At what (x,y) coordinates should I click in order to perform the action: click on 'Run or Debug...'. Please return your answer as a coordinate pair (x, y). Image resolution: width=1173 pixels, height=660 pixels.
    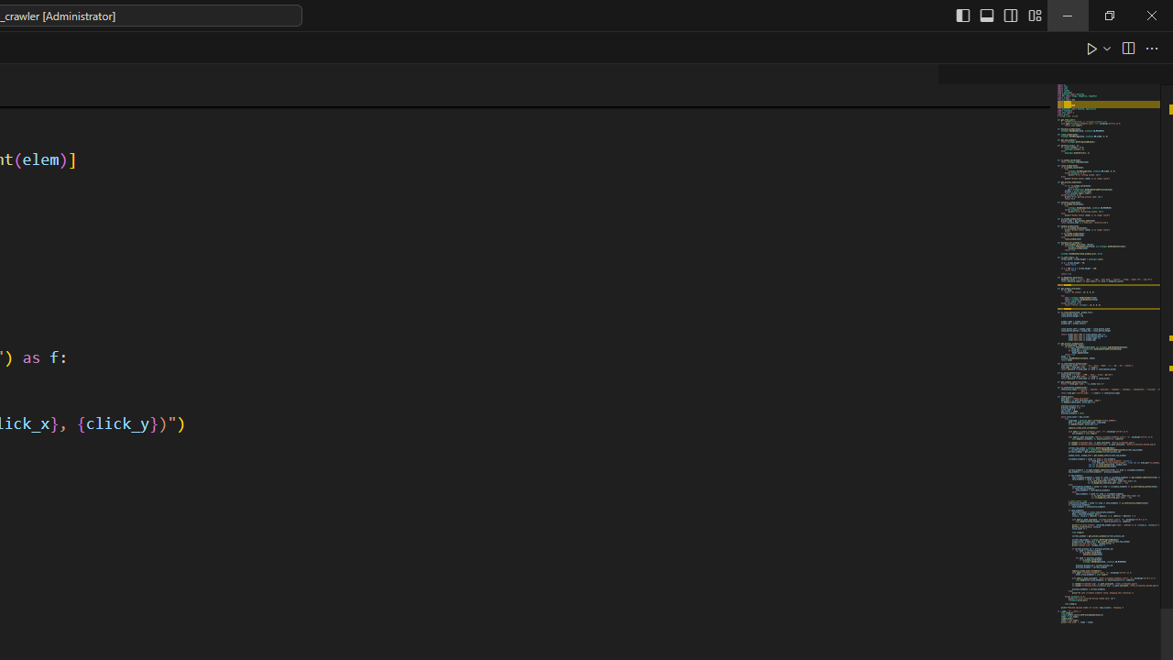
    Looking at the image, I should click on (1106, 47).